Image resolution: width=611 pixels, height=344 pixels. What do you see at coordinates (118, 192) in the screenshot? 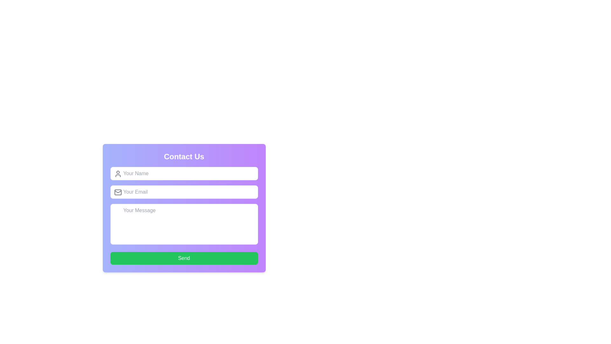
I see `the decorative gray rectangular graphic element within the envelope icon, located on the left side of the 'Your Email' input field` at bounding box center [118, 192].